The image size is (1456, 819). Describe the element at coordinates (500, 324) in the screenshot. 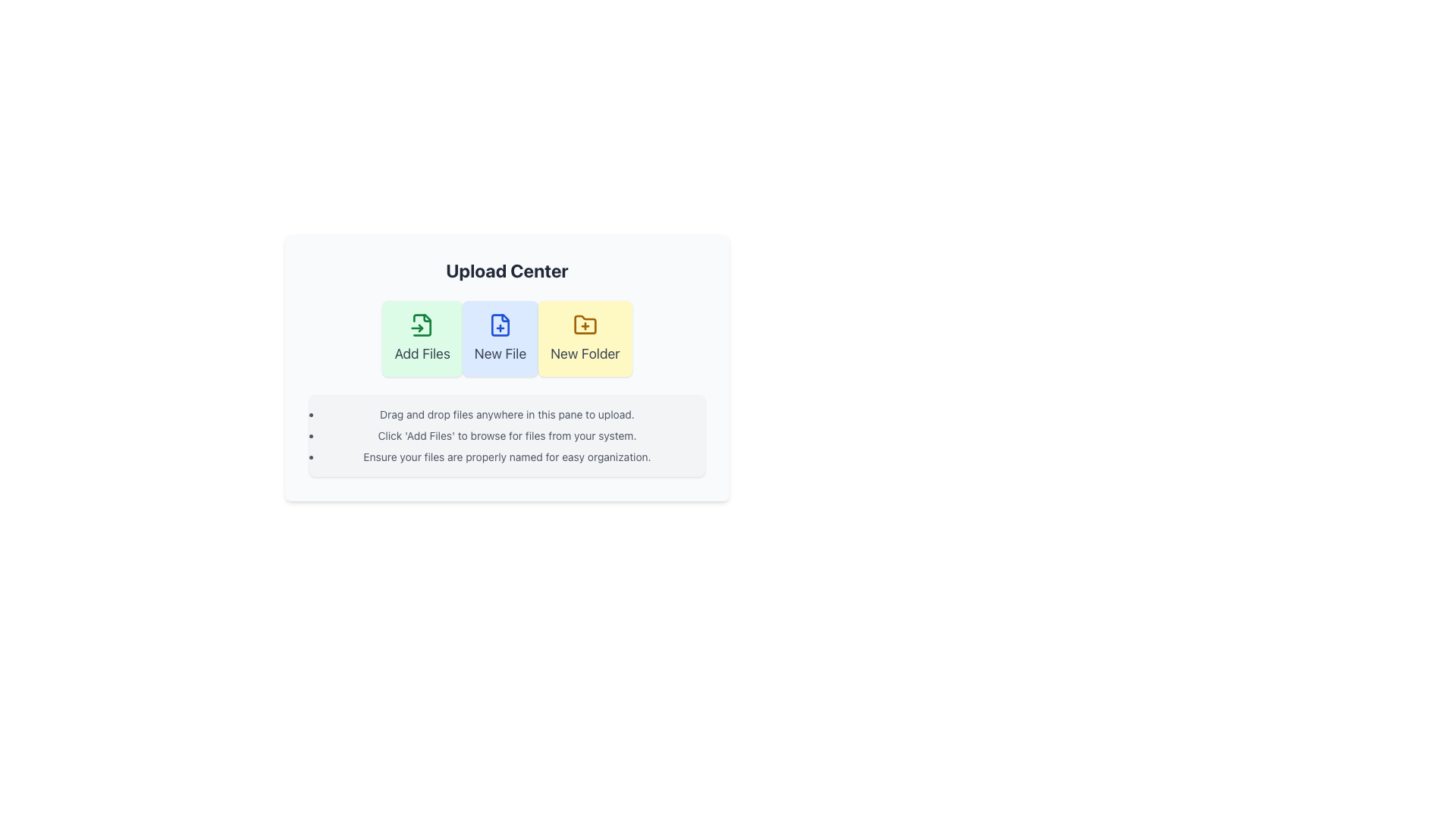

I see `the Decorative SVG graphic icon within the 'New File' button, which is part of the button group located beneath the 'Upload Center' title` at that location.